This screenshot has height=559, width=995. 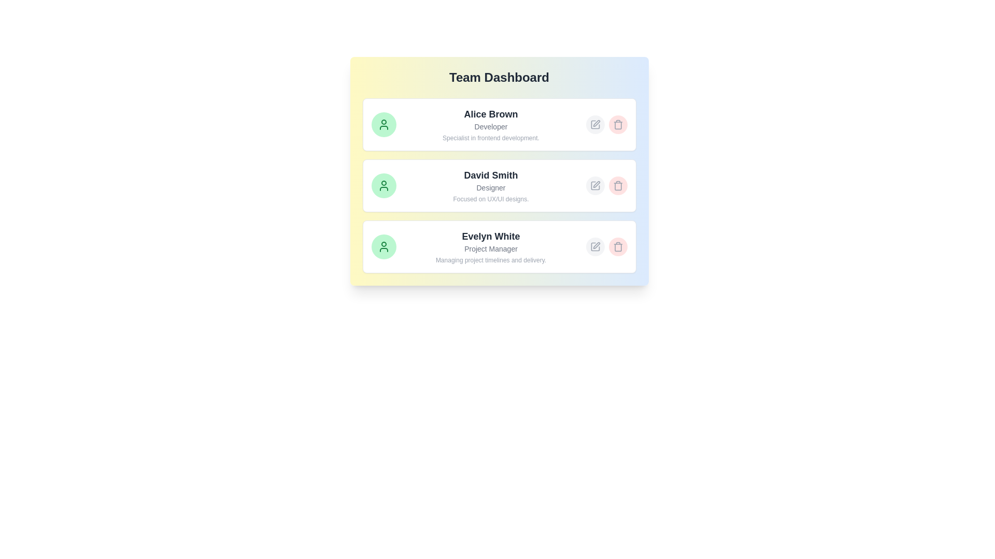 I want to click on the user profile icon wrapped in a green circle located in the second row of the 'Team Dashboard' section, adjacent to 'David Smith', so click(x=383, y=185).